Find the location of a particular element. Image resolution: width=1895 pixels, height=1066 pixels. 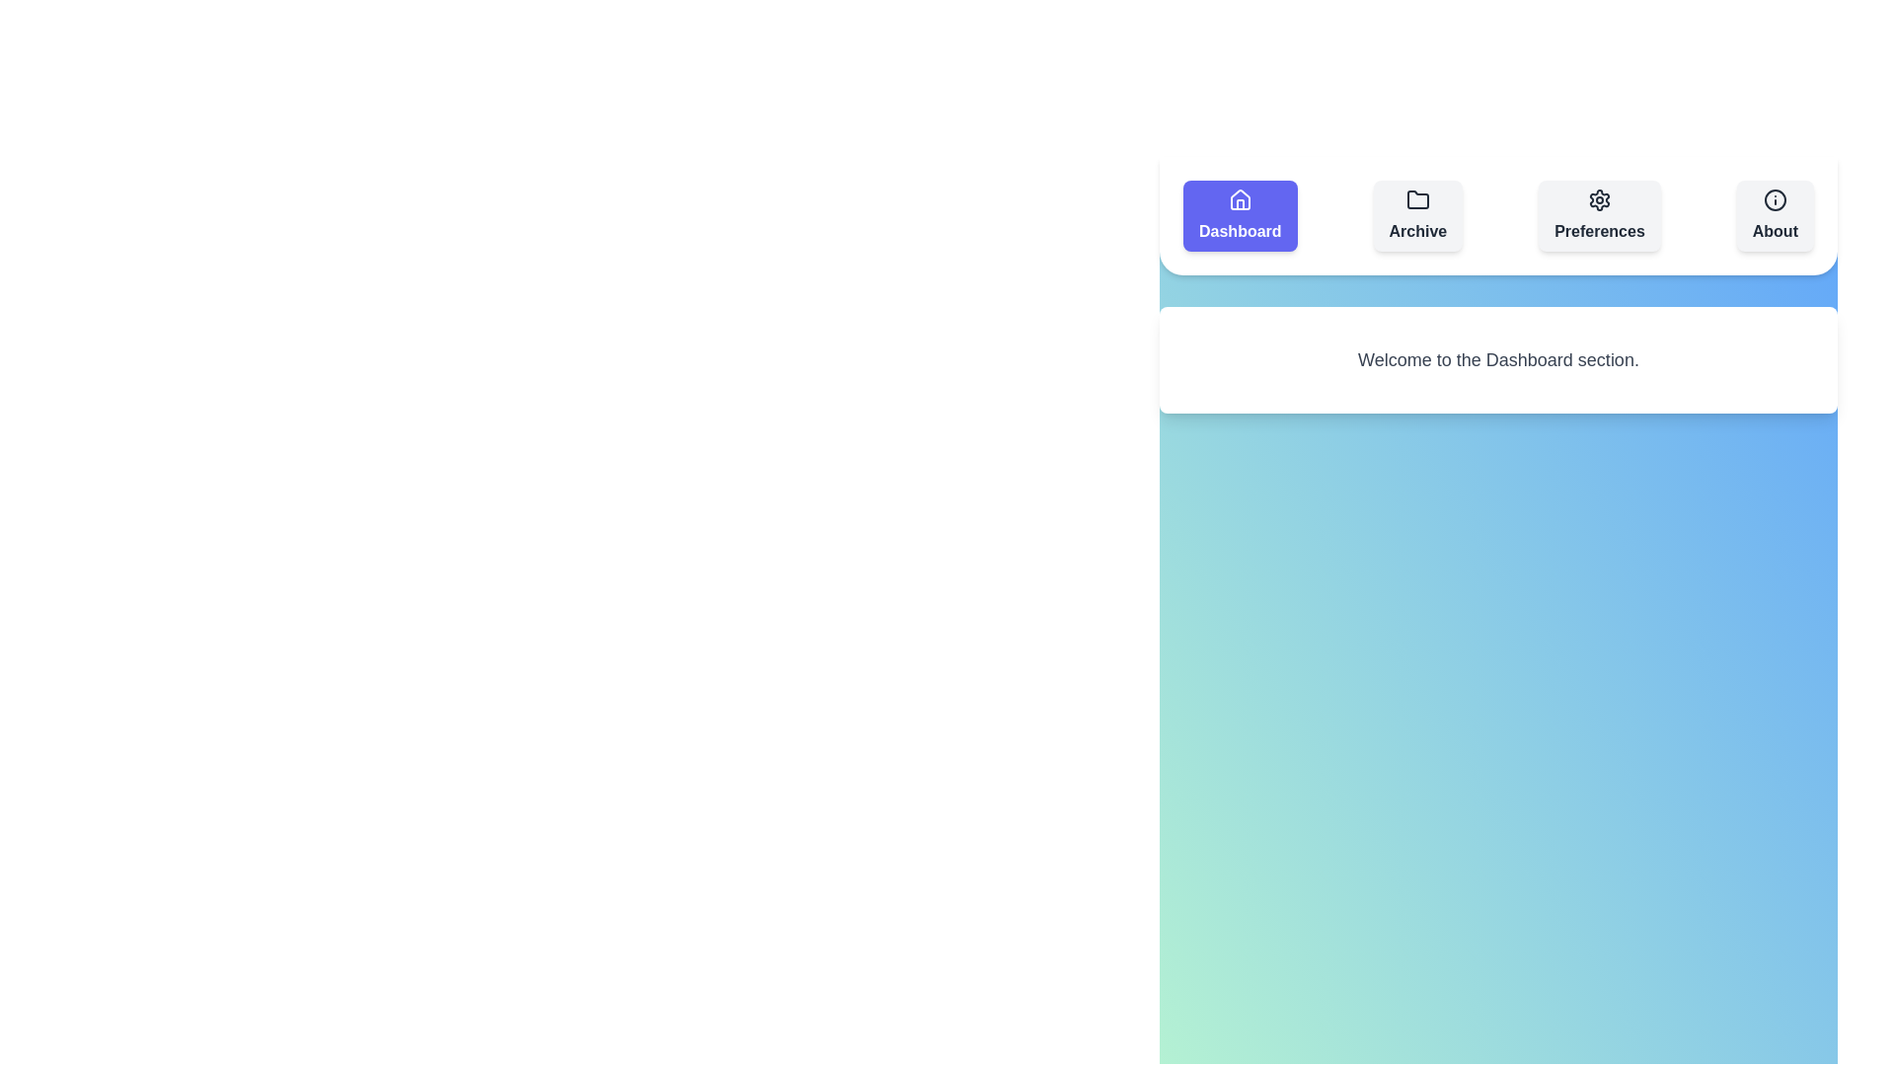

the section button labeled Preferences to switch to that section is located at coordinates (1600, 216).